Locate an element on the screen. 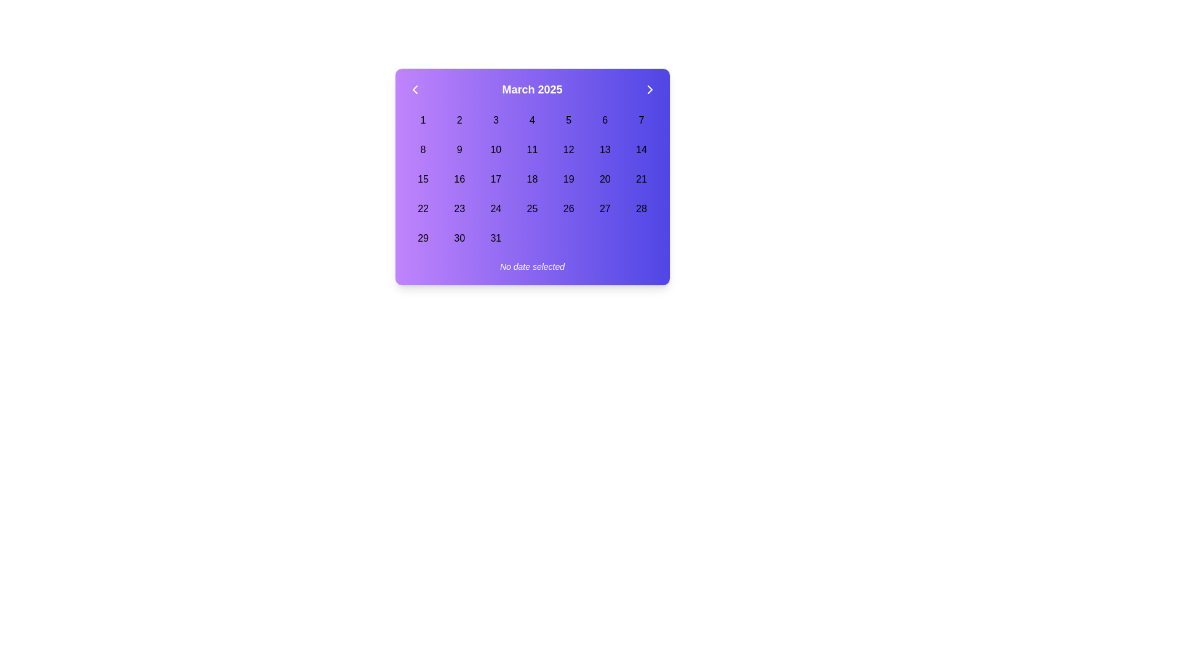  the text label displaying the date 'March 2025' located in the header of the calendar component, which is styled in bold white font on a gradient purple background is located at coordinates (532, 89).